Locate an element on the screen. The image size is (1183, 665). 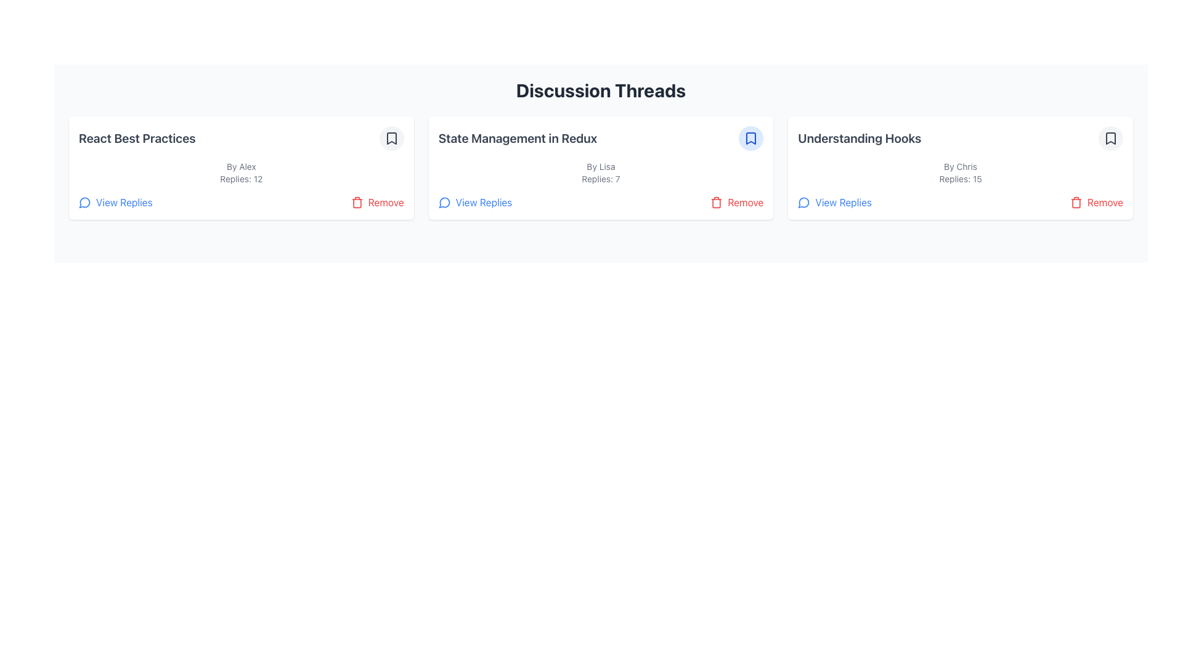
the 'Remove' text label, which is styled in red and positioned to the right of a trash can icon is located at coordinates (1105, 201).